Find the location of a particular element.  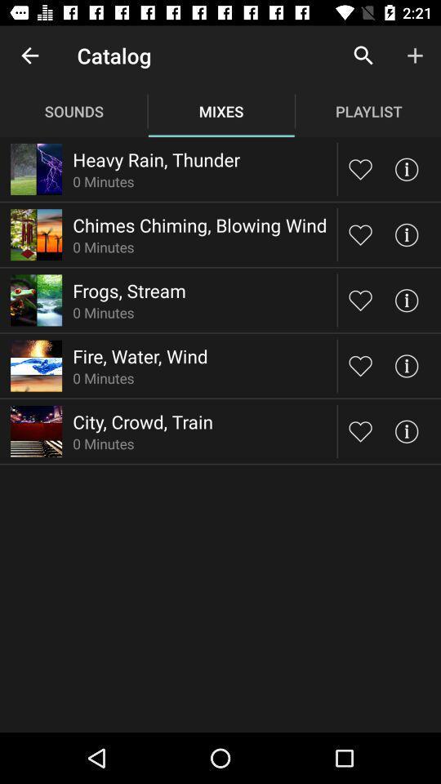

icon next to the mixes is located at coordinates (363, 56).